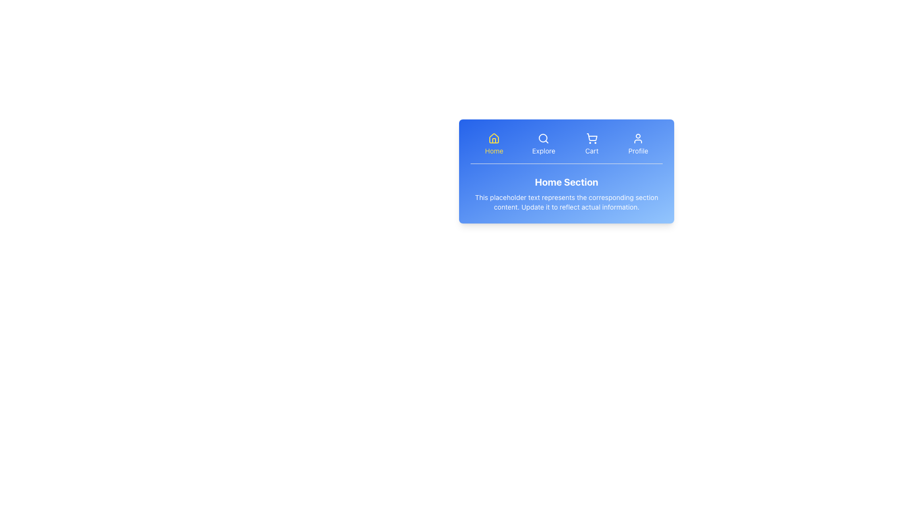  Describe the element at coordinates (494, 138) in the screenshot. I see `the 'Home' icon located in the first section of the navigation bar` at that location.